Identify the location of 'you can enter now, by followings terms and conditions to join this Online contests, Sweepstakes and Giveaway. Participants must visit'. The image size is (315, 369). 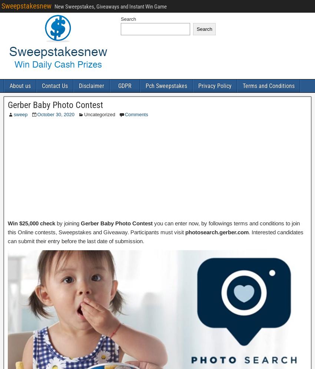
(153, 227).